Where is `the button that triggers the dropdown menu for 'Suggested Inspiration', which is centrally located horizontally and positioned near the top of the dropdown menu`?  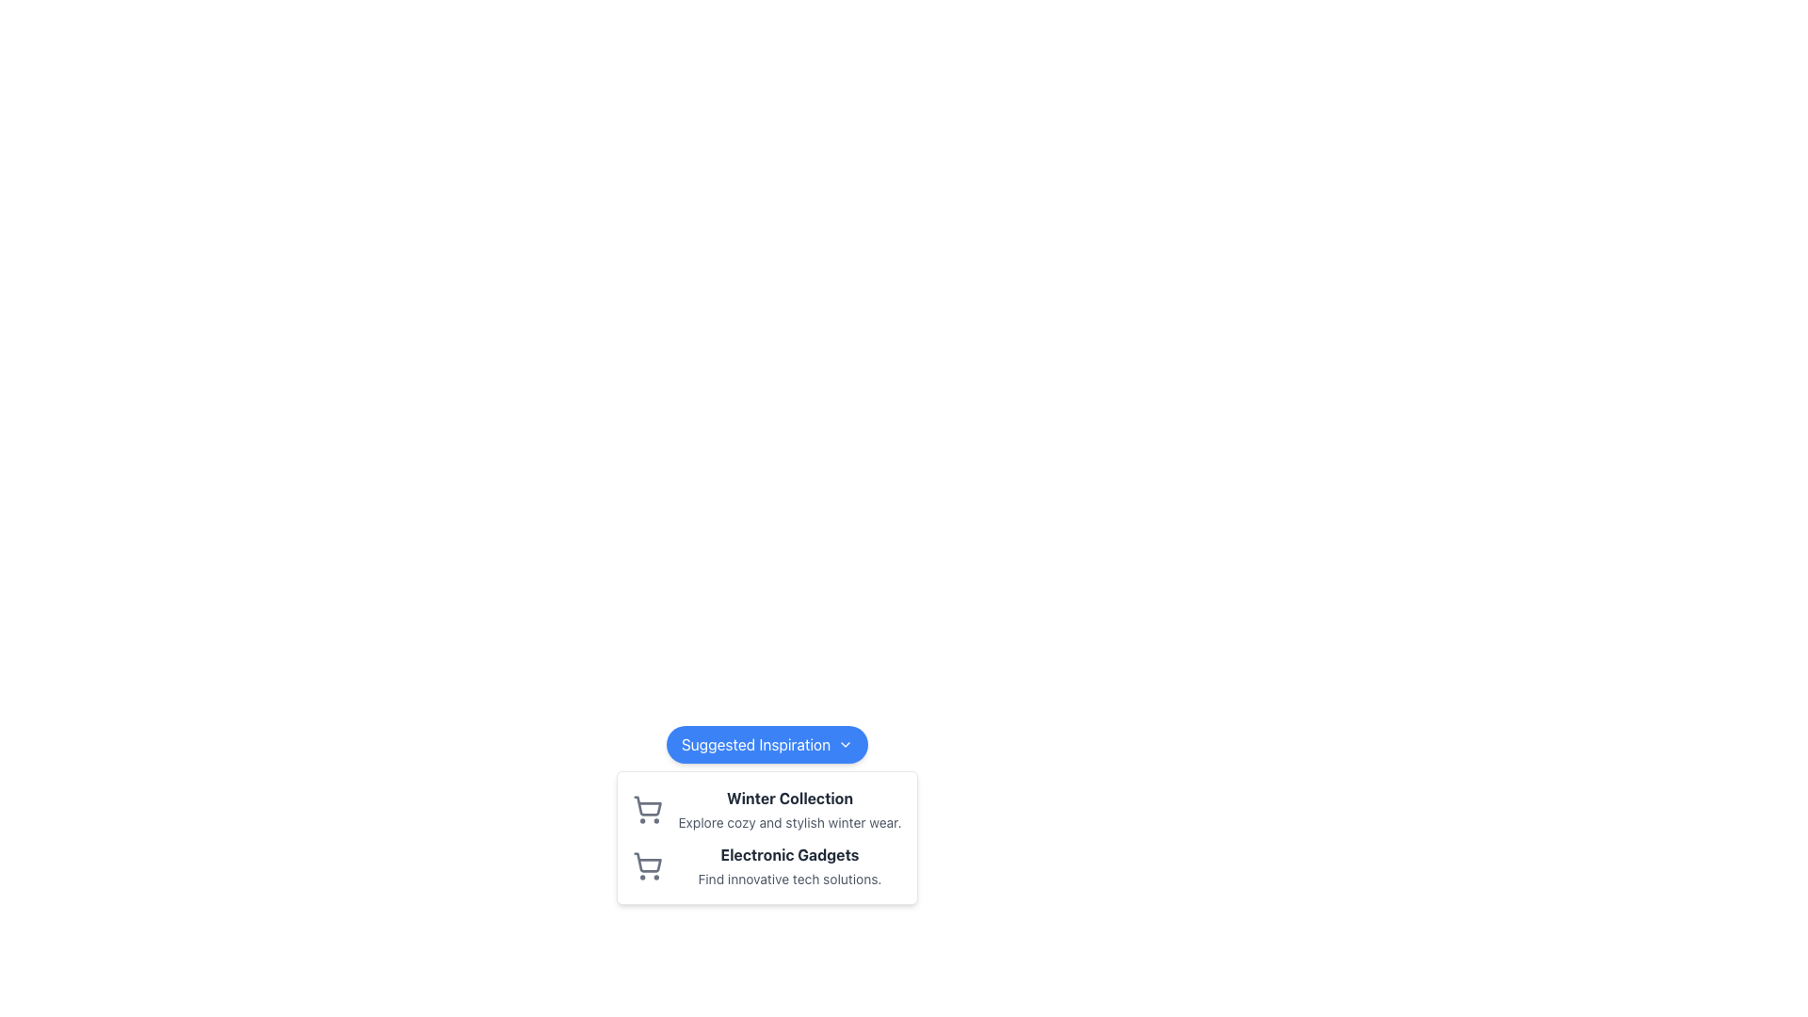
the button that triggers the dropdown menu for 'Suggested Inspiration', which is centrally located horizontally and positioned near the top of the dropdown menu is located at coordinates (767, 743).